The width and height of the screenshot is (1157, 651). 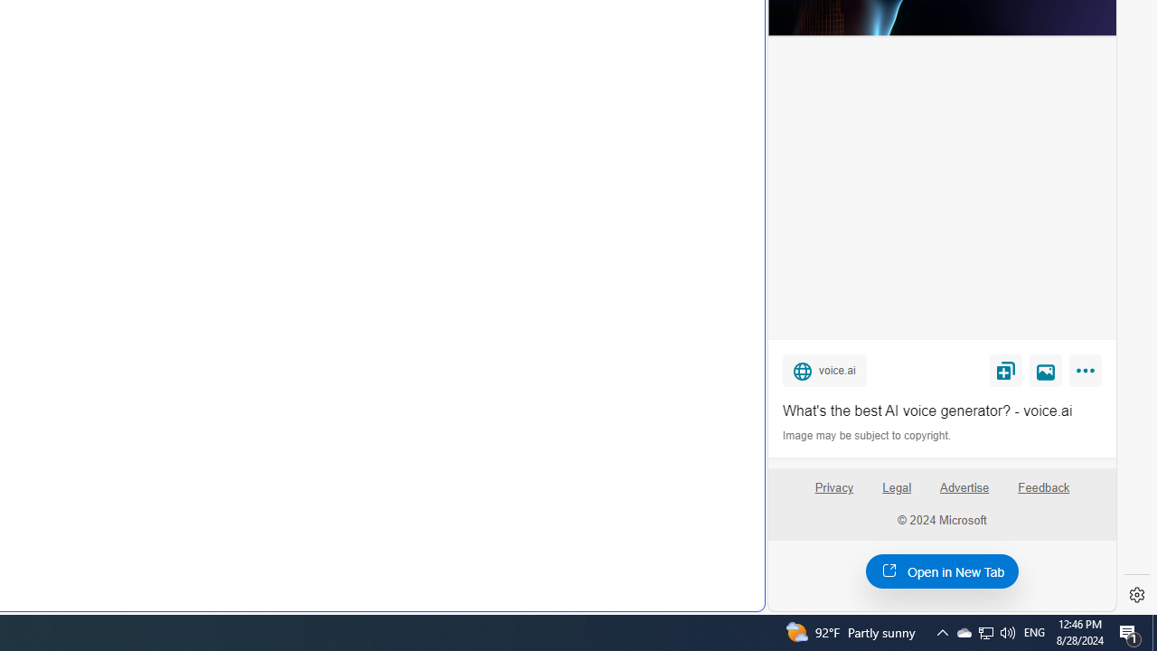 I want to click on 'Settings', so click(x=1136, y=595).